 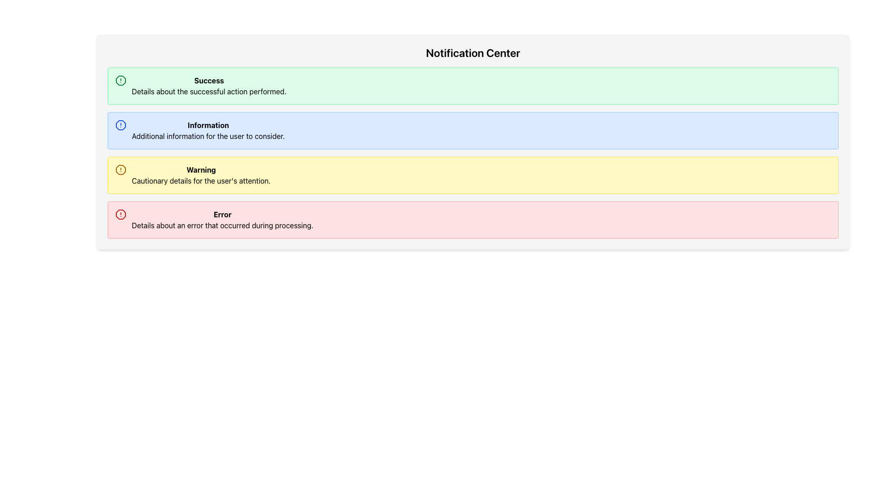 I want to click on the decorative vector graphic part of the octagonal icon located in the blue 'Information' notification box, positioned slightly left of the text, so click(x=120, y=125).